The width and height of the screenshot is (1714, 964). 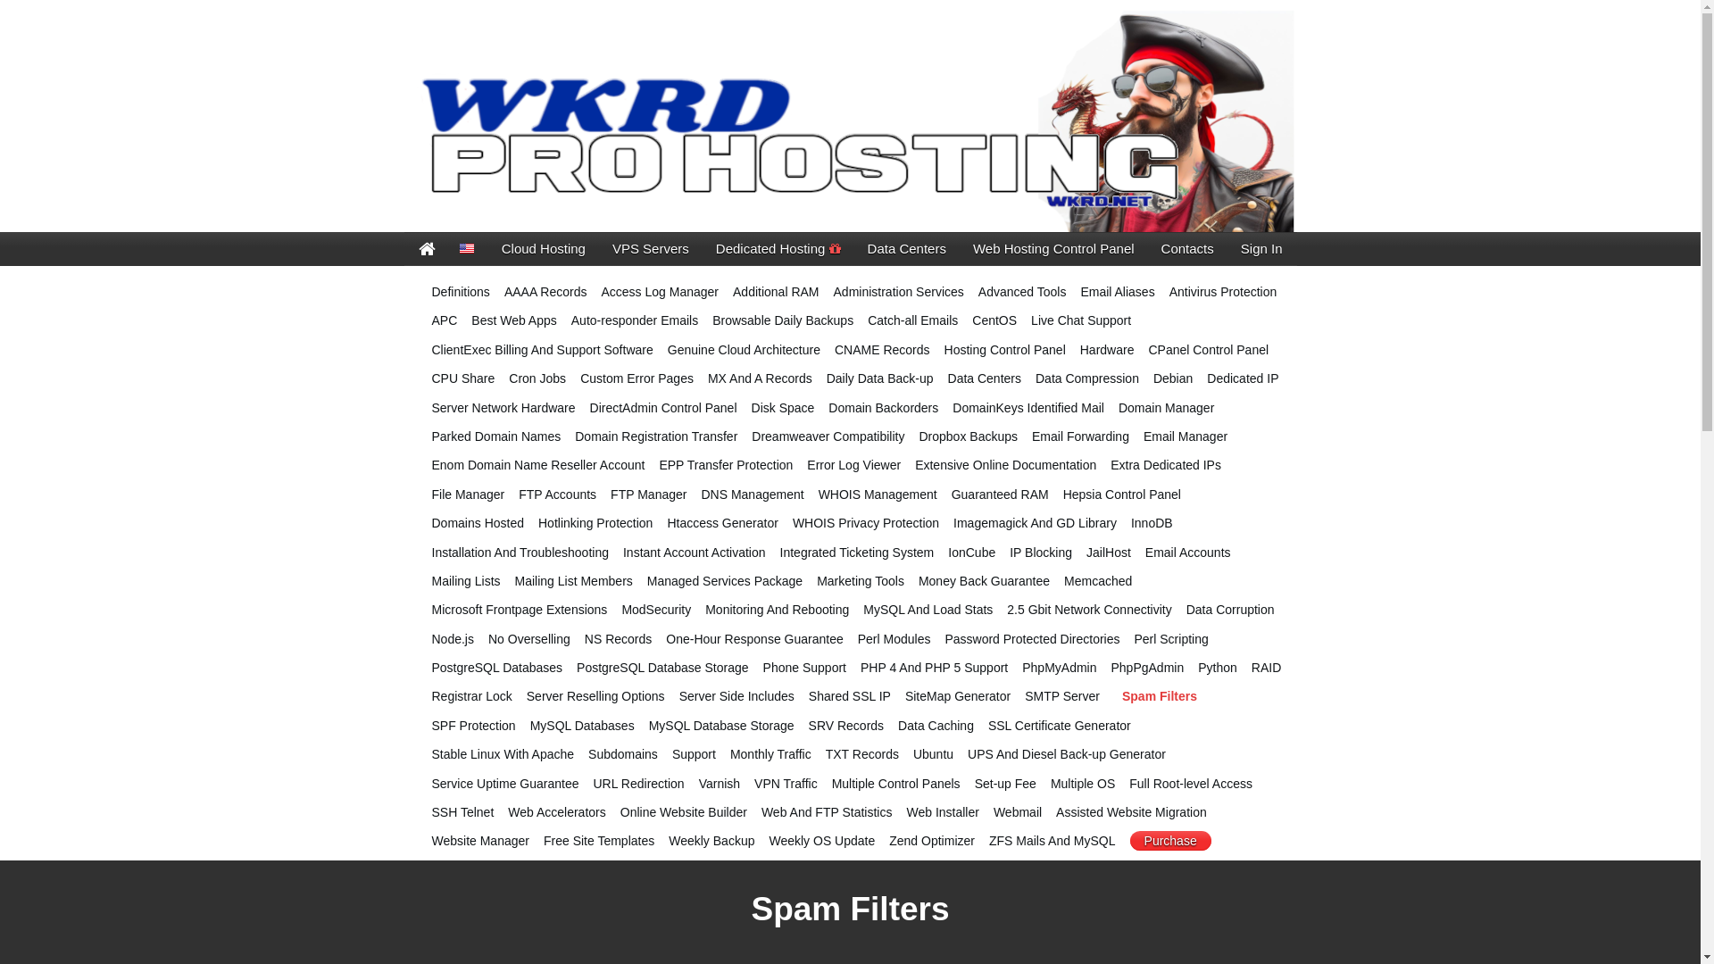 What do you see at coordinates (1005, 463) in the screenshot?
I see `'Extensive Online Documentation'` at bounding box center [1005, 463].